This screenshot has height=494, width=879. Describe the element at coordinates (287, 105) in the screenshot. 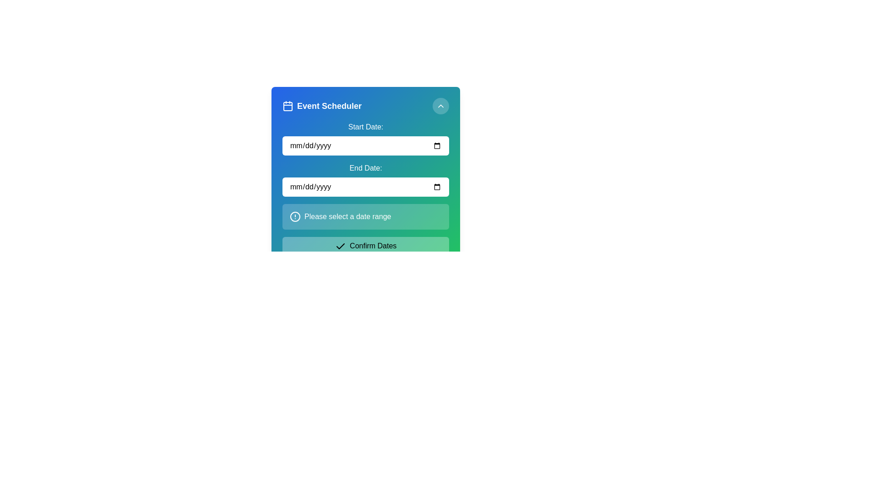

I see `the calendar icon located at the top-left corner of the 'Event Scheduler' header, which is a minimalistic outline-style vector graphic` at that location.